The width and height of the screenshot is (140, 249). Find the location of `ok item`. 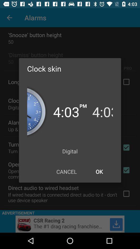

ok item is located at coordinates (99, 171).